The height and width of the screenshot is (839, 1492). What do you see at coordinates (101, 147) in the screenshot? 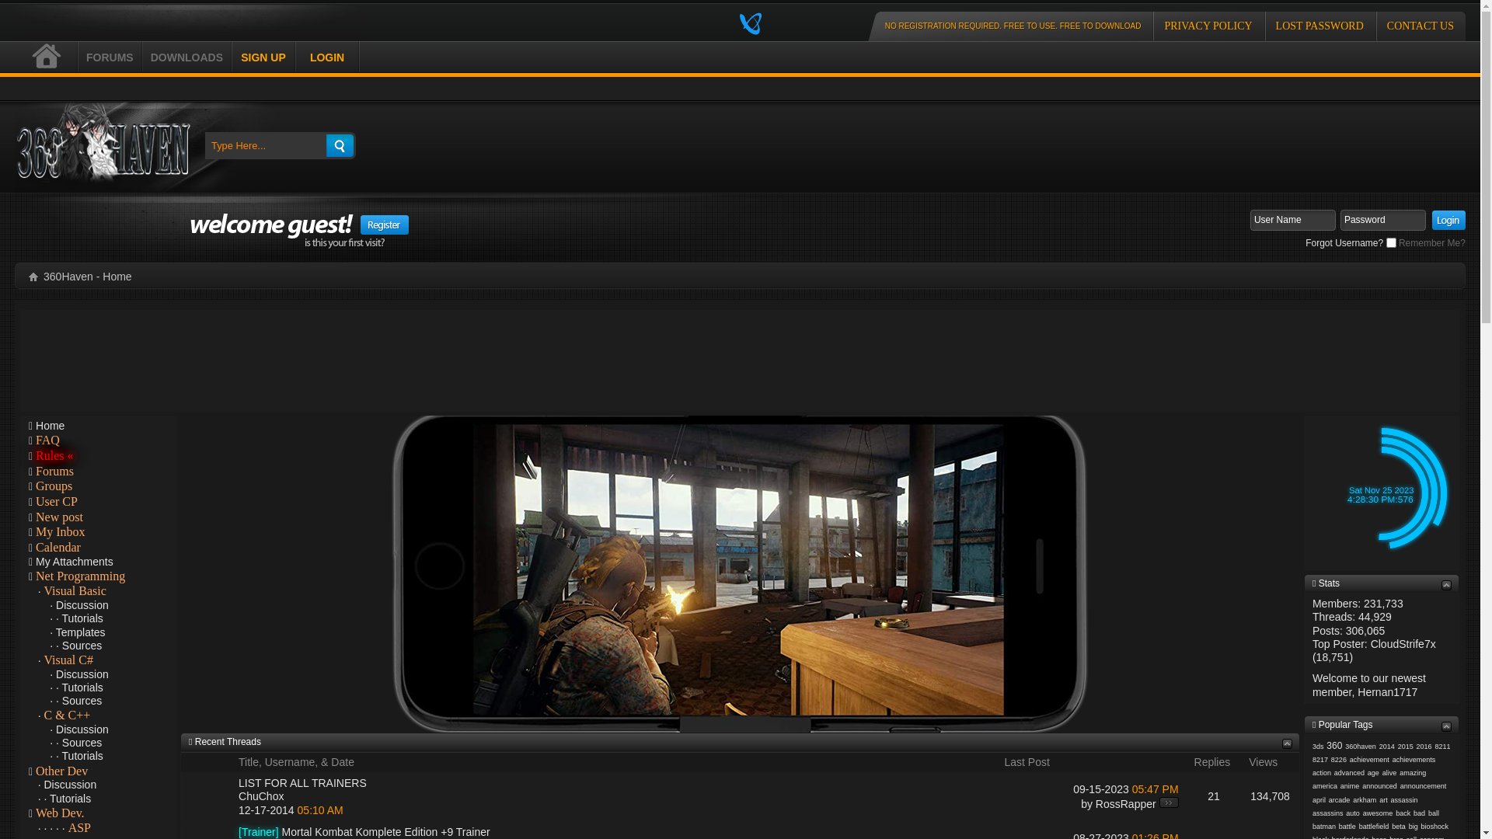
I see `'360Haven'` at bounding box center [101, 147].